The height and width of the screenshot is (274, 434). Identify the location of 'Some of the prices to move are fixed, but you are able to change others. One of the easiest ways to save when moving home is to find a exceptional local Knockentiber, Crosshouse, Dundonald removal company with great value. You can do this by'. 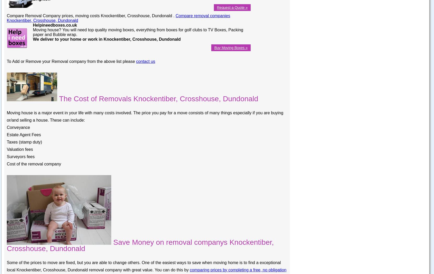
(143, 266).